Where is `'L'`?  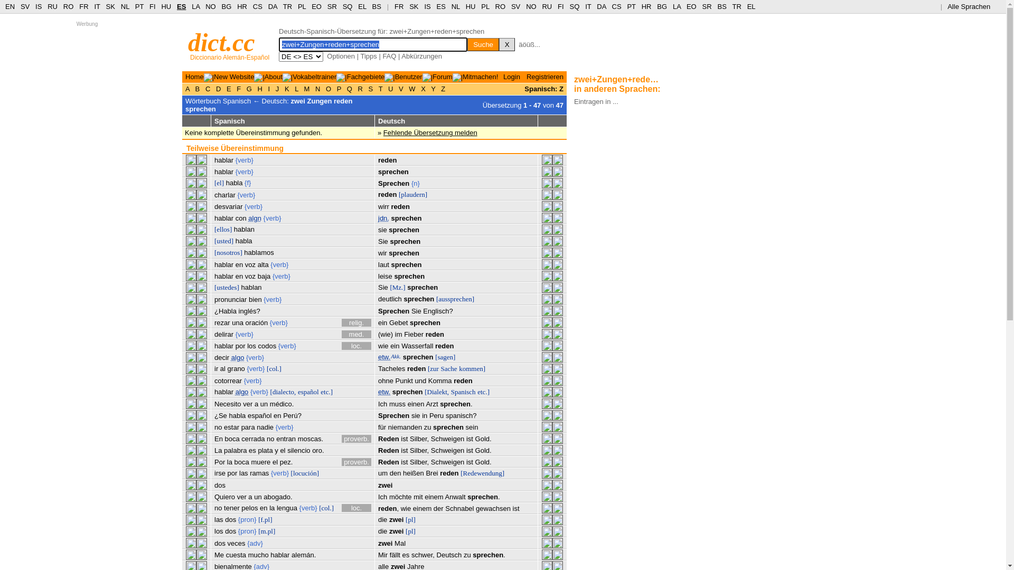
'L' is located at coordinates (296, 88).